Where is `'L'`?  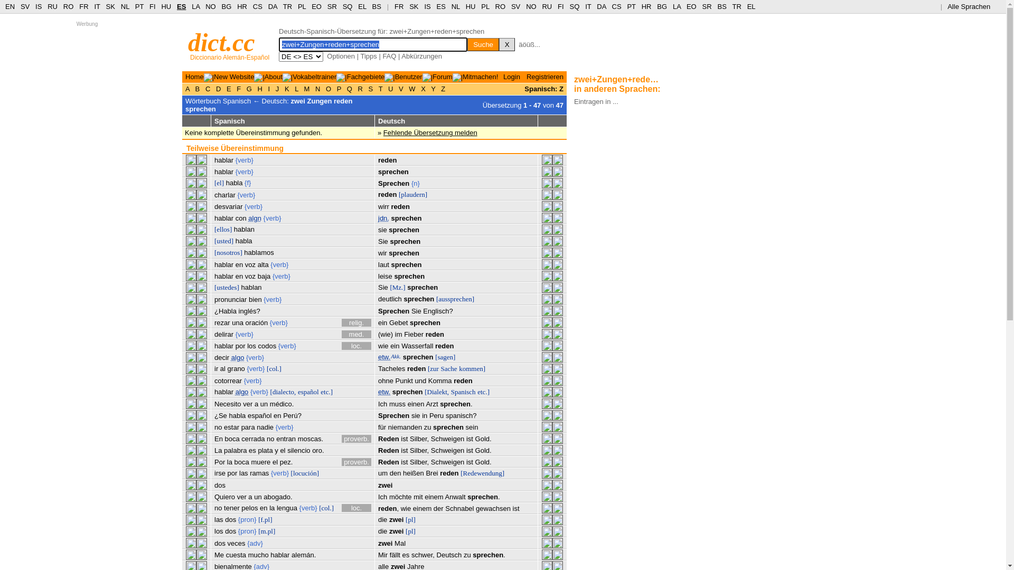
'L' is located at coordinates (296, 88).